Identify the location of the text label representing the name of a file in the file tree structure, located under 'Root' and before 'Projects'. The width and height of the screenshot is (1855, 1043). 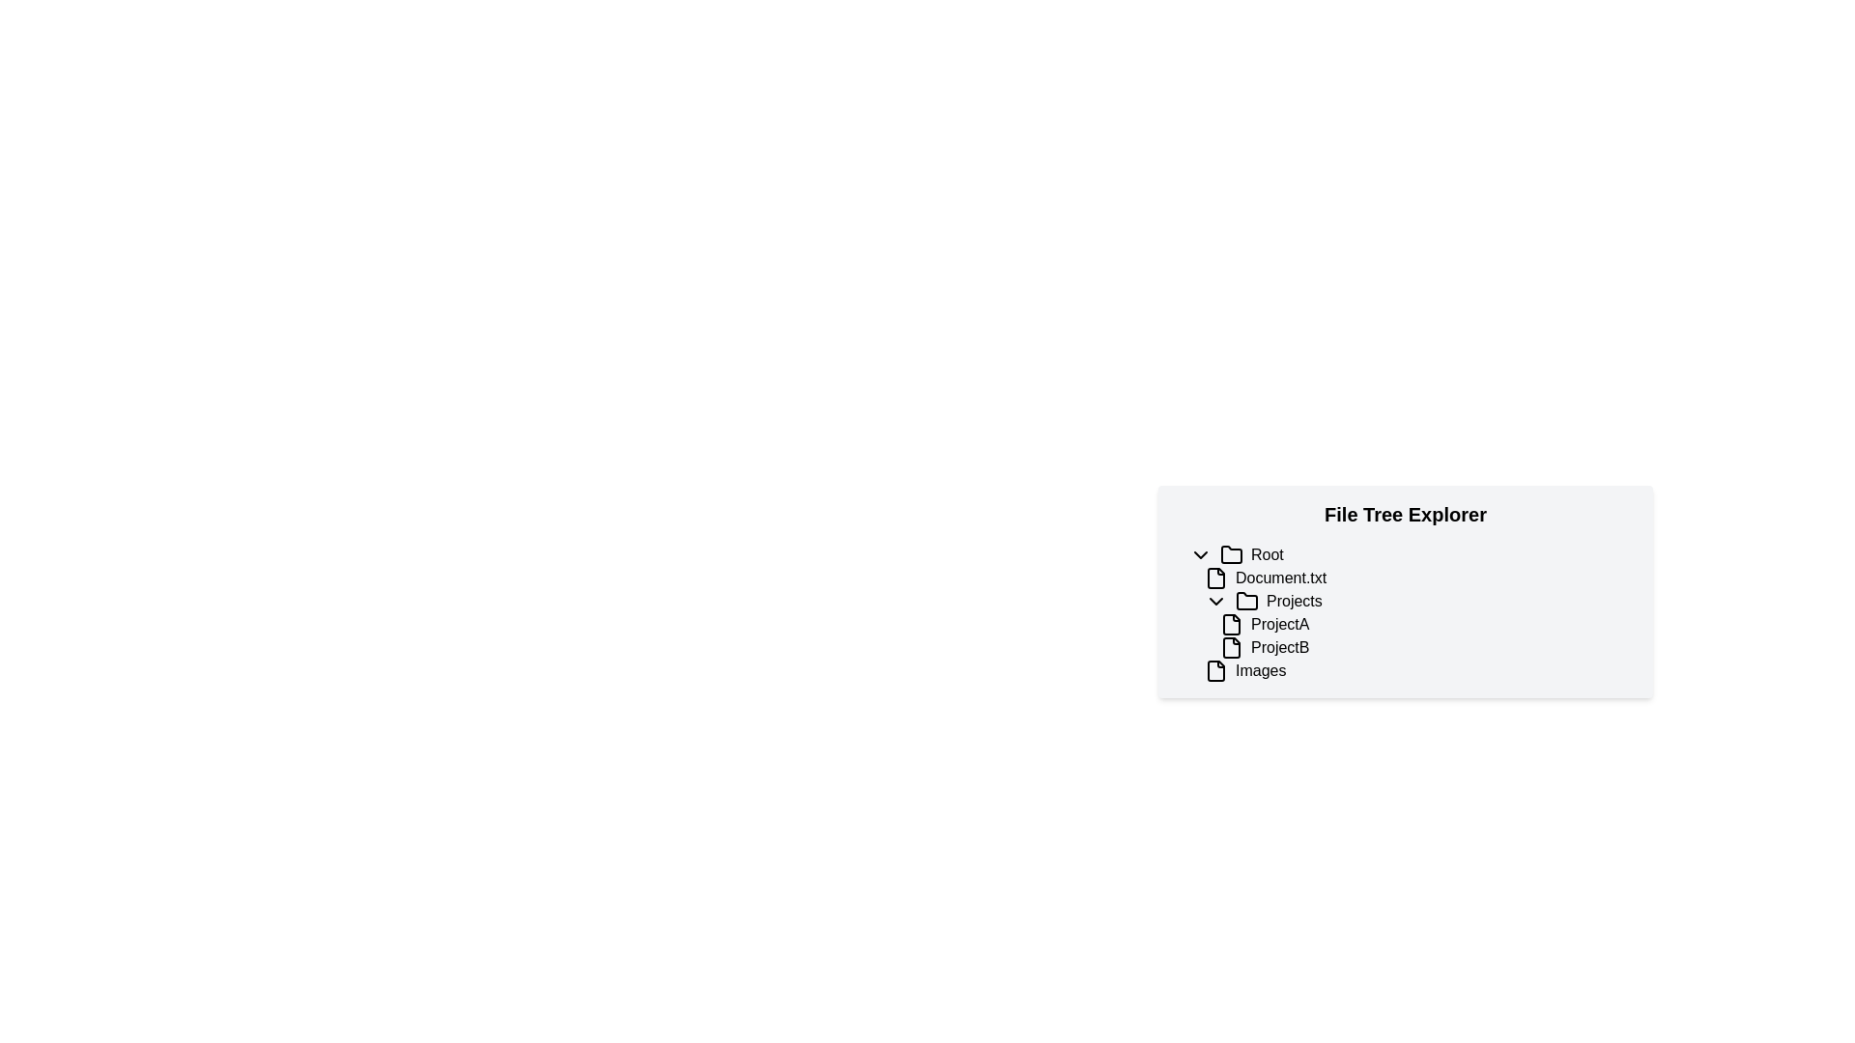
(1280, 577).